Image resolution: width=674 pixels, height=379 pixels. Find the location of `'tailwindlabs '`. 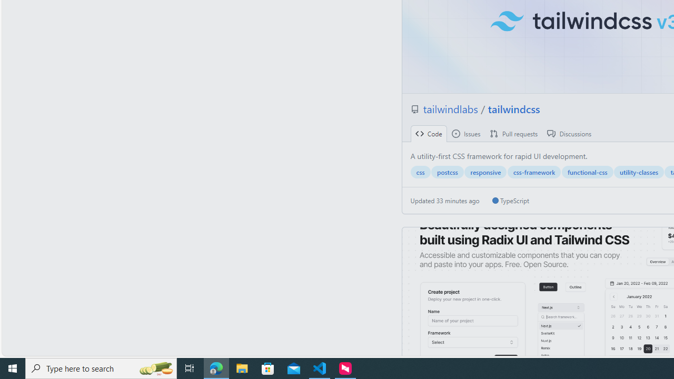

'tailwindlabs ' is located at coordinates (452, 108).